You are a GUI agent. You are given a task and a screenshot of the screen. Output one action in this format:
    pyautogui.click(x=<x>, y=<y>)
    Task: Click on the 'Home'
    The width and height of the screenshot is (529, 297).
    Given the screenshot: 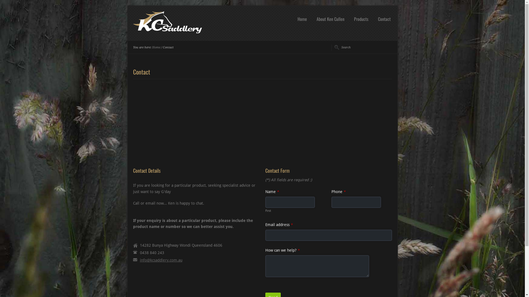 What is the action you would take?
    pyautogui.click(x=301, y=19)
    